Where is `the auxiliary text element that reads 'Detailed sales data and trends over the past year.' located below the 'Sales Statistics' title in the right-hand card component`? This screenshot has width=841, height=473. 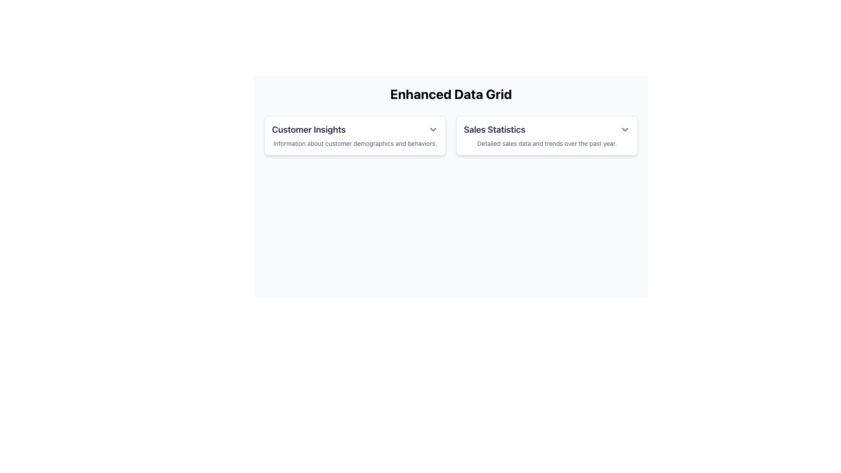 the auxiliary text element that reads 'Detailed sales data and trends over the past year.' located below the 'Sales Statistics' title in the right-hand card component is located at coordinates (546, 143).